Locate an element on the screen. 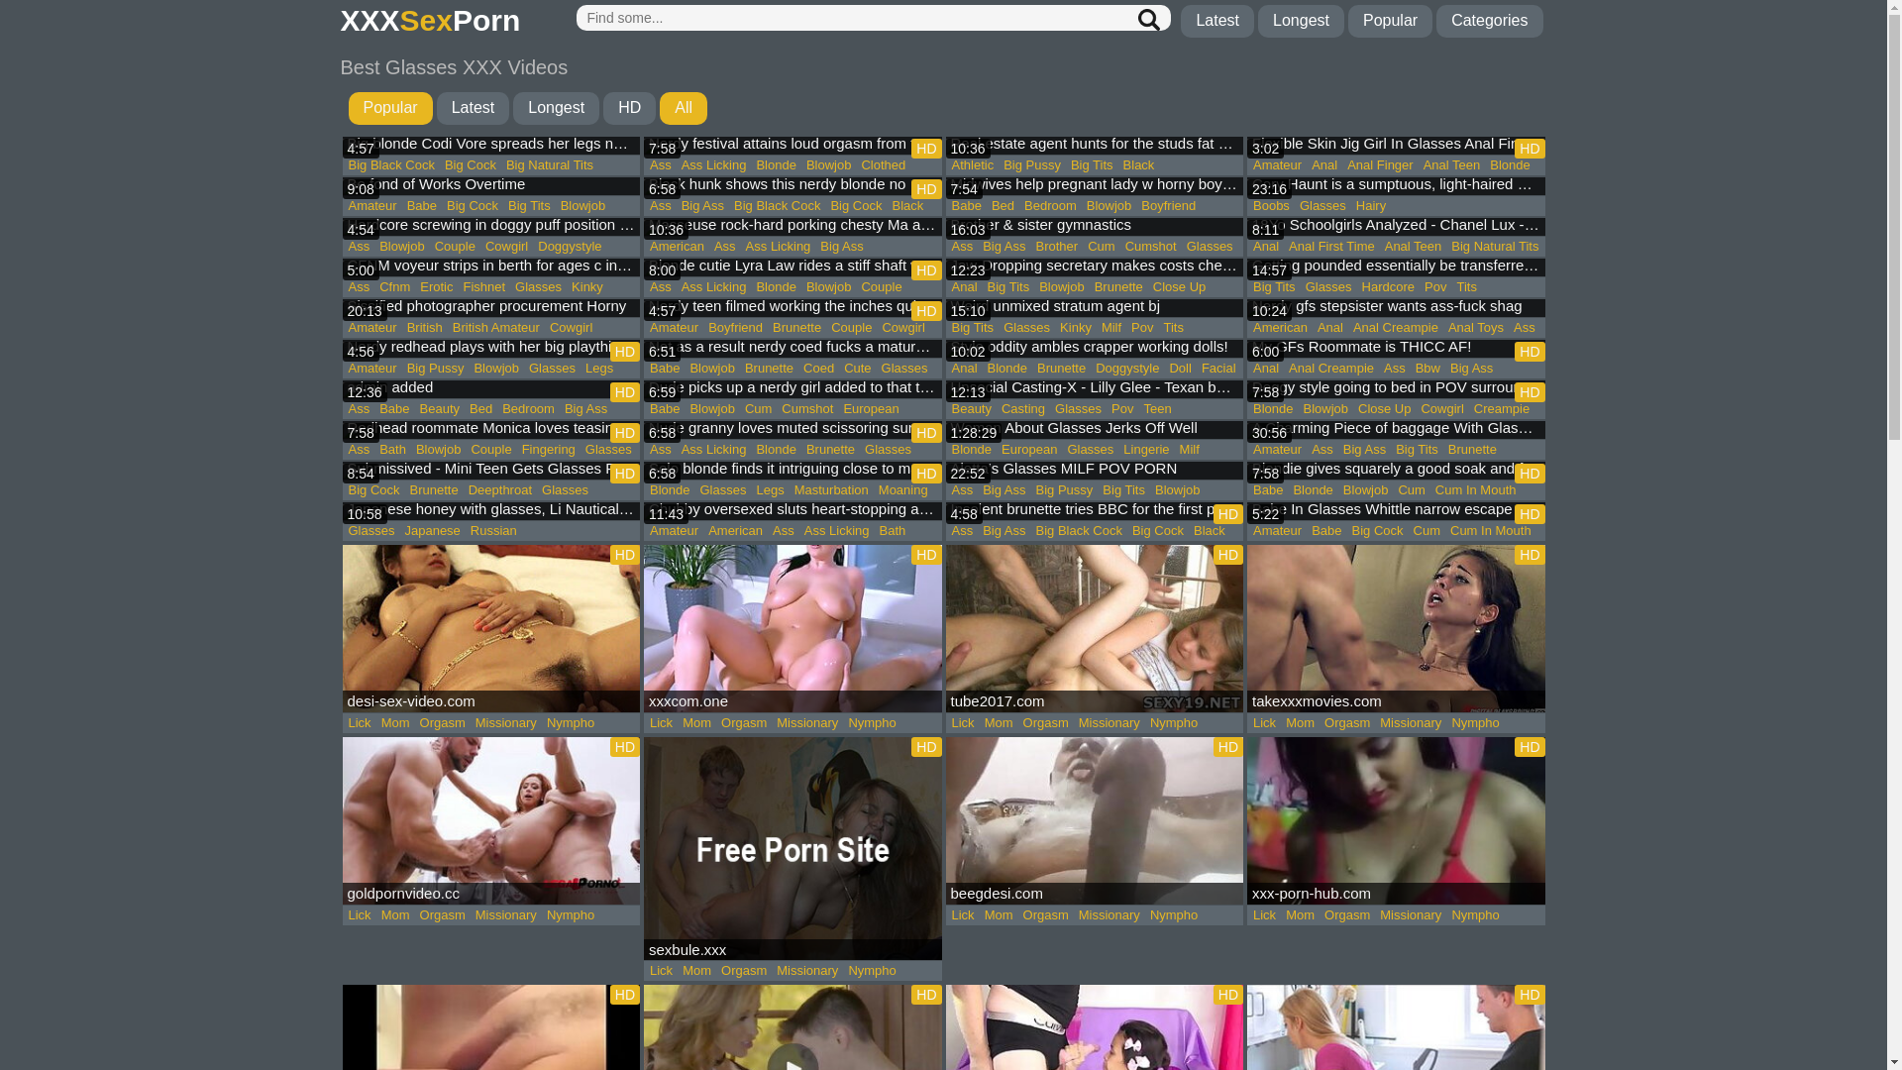 The height and width of the screenshot is (1070, 1902). 'British' is located at coordinates (423, 327).